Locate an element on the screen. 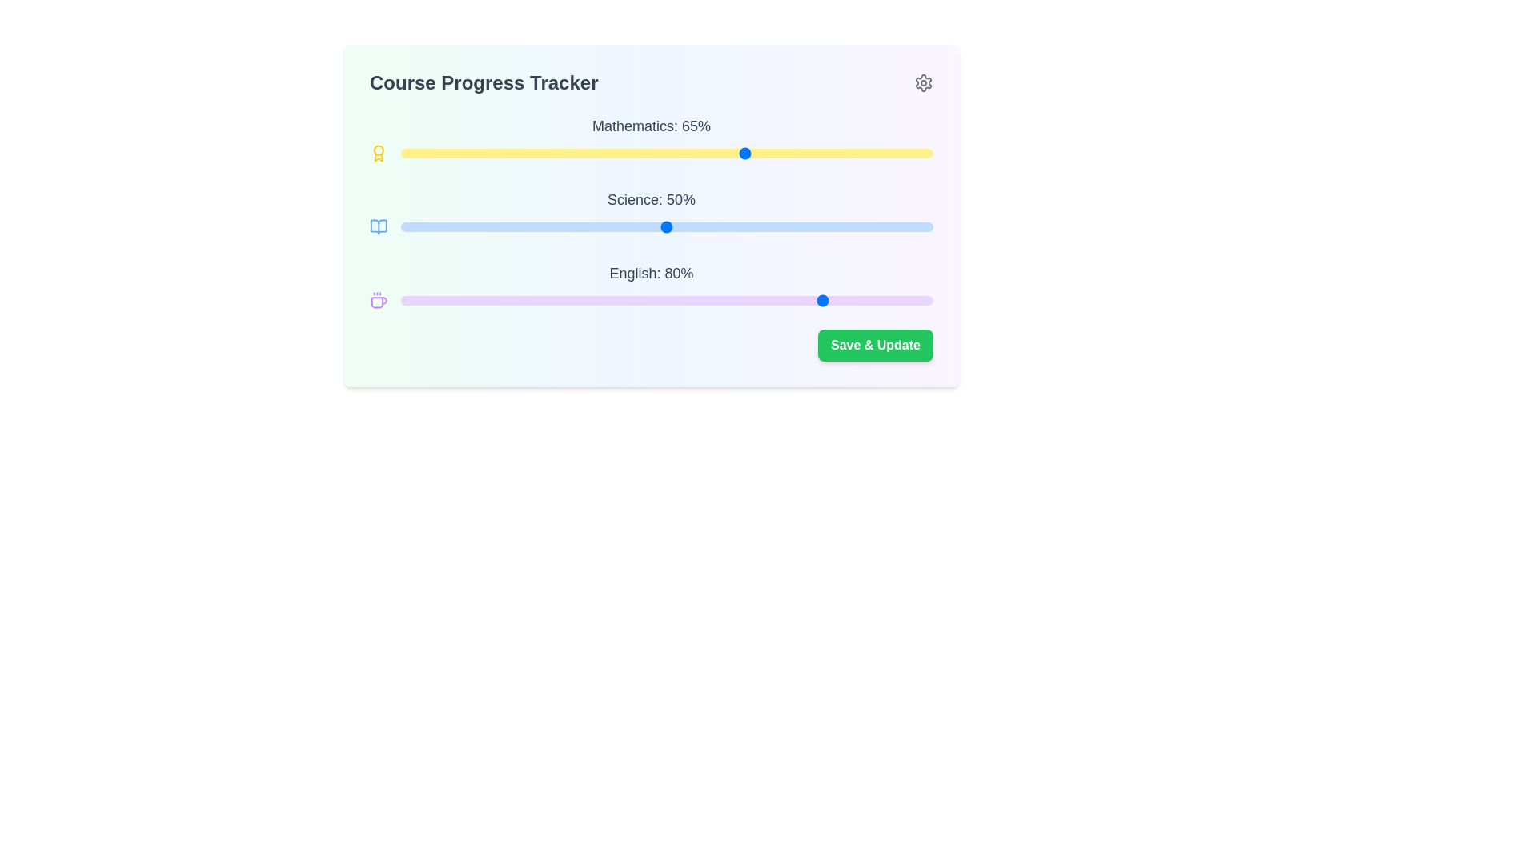  the English progress is located at coordinates (495, 300).